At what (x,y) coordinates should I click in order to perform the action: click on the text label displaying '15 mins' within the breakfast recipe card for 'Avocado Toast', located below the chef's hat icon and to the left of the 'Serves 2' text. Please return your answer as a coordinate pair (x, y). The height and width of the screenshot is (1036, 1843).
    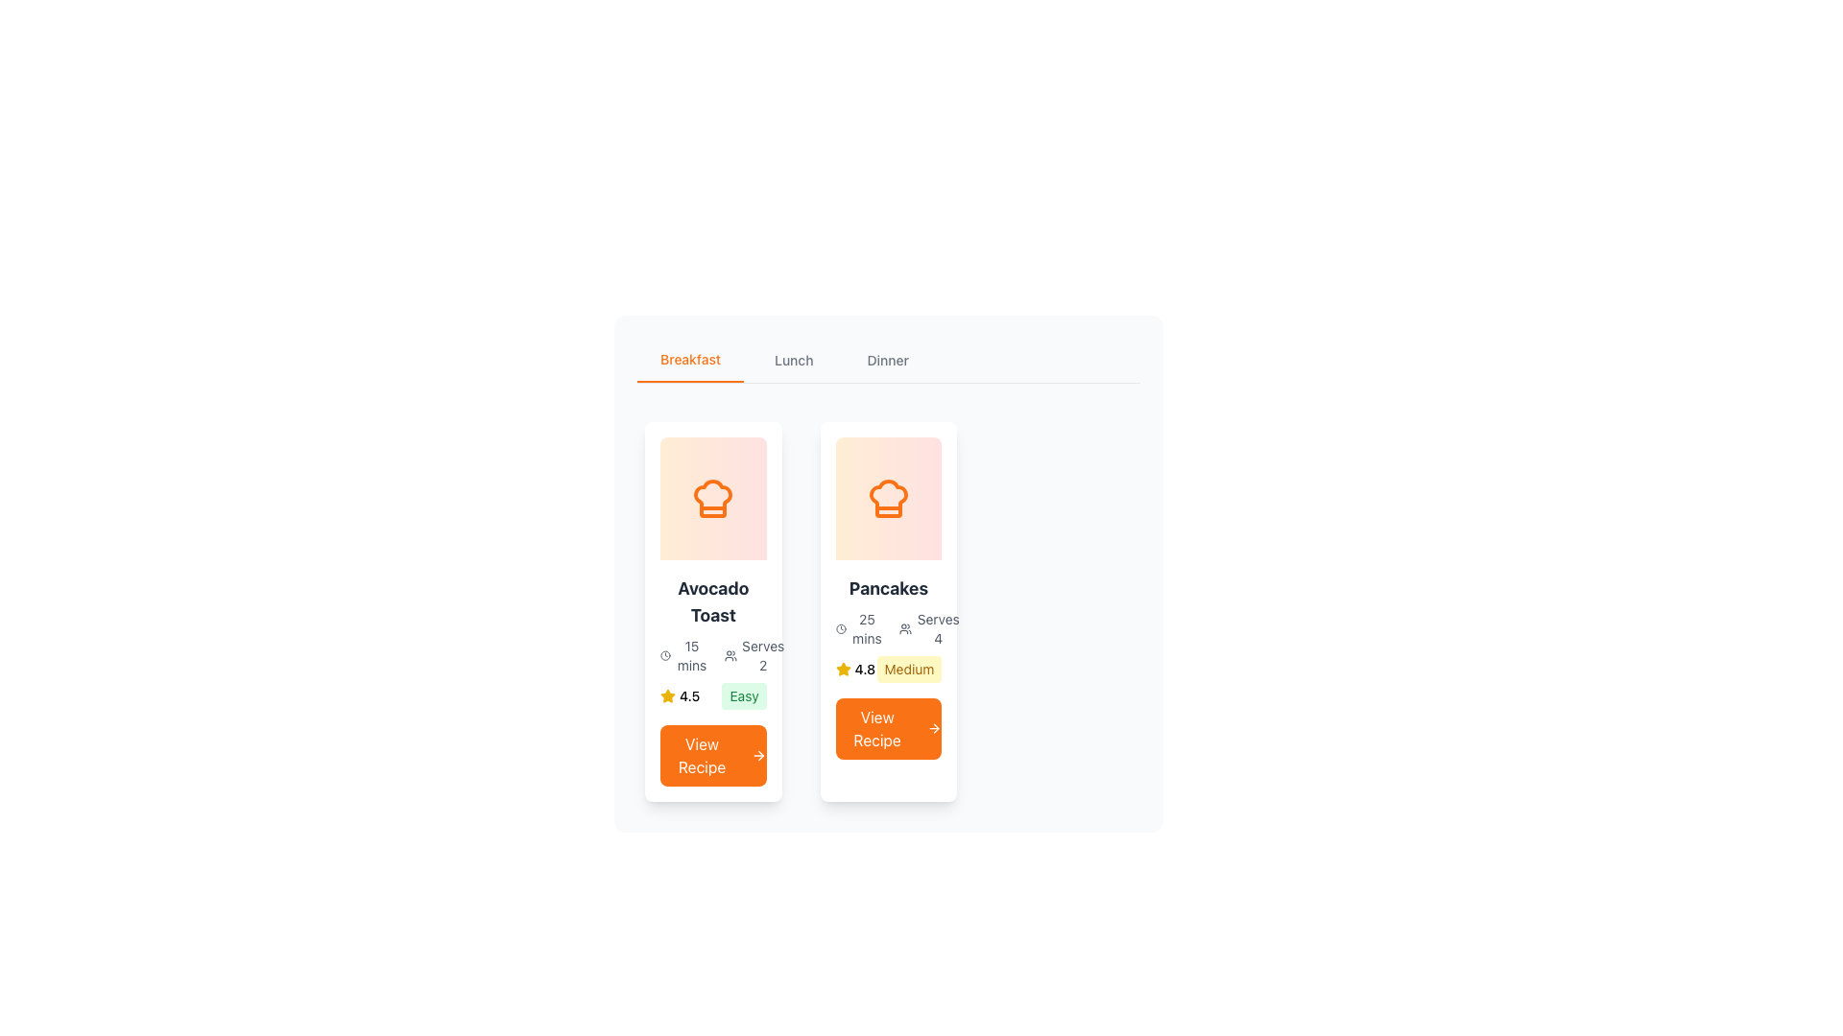
    Looking at the image, I should click on (691, 654).